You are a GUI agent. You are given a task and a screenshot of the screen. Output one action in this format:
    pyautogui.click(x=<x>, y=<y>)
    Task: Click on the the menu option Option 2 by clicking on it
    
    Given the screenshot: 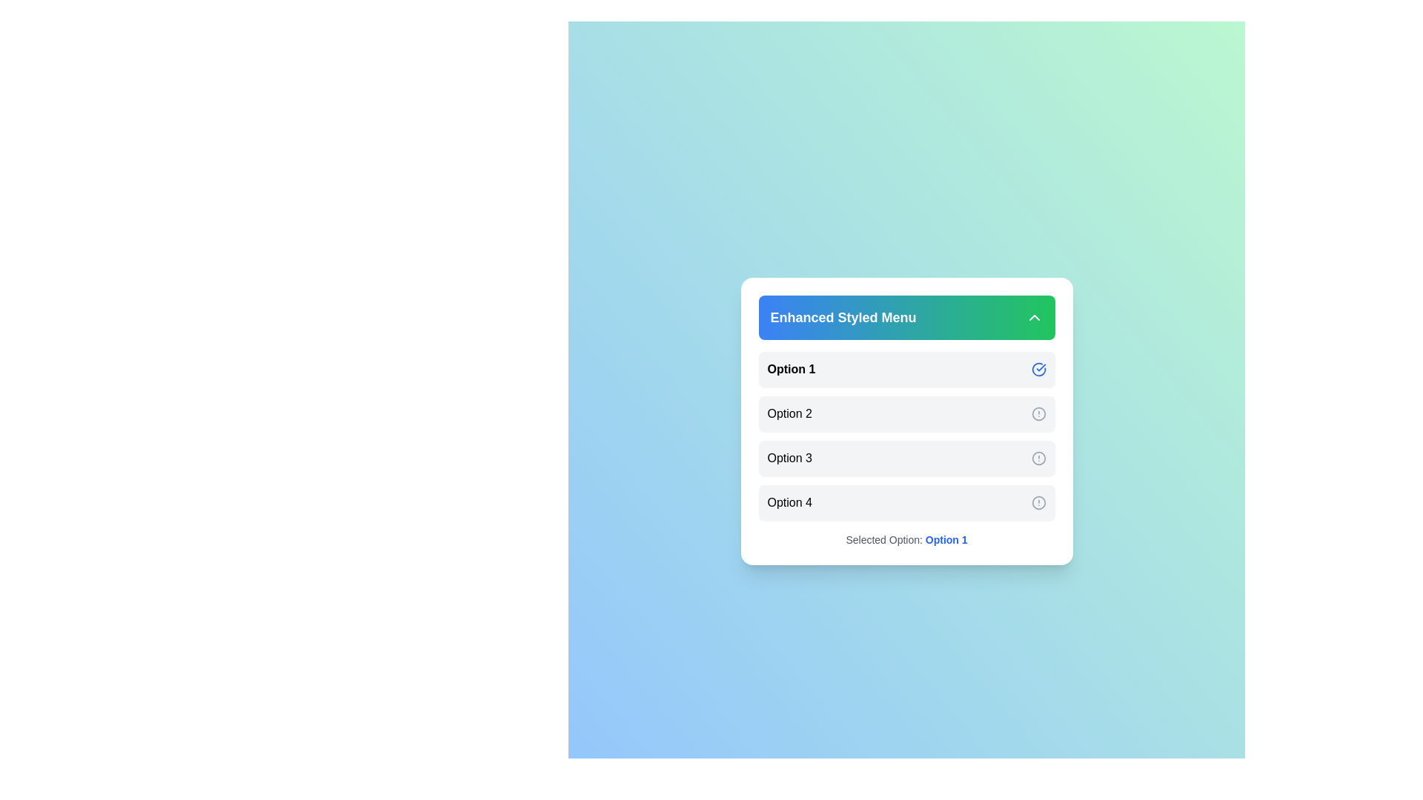 What is the action you would take?
    pyautogui.click(x=906, y=414)
    